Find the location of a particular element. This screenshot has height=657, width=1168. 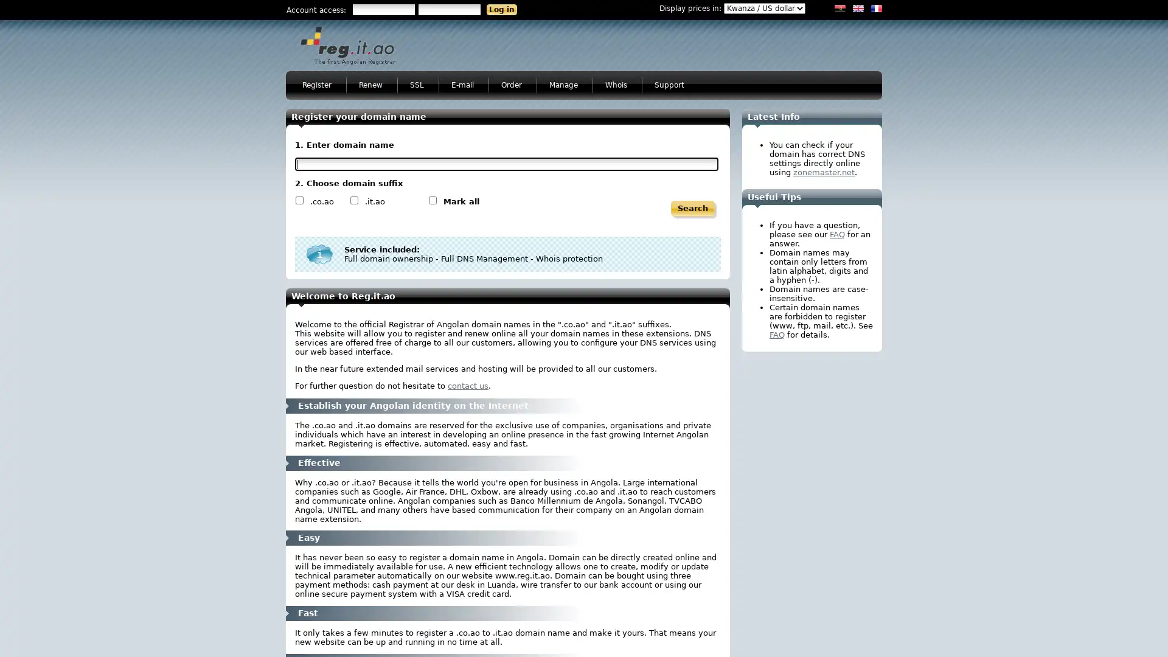

Search is located at coordinates (692, 208).